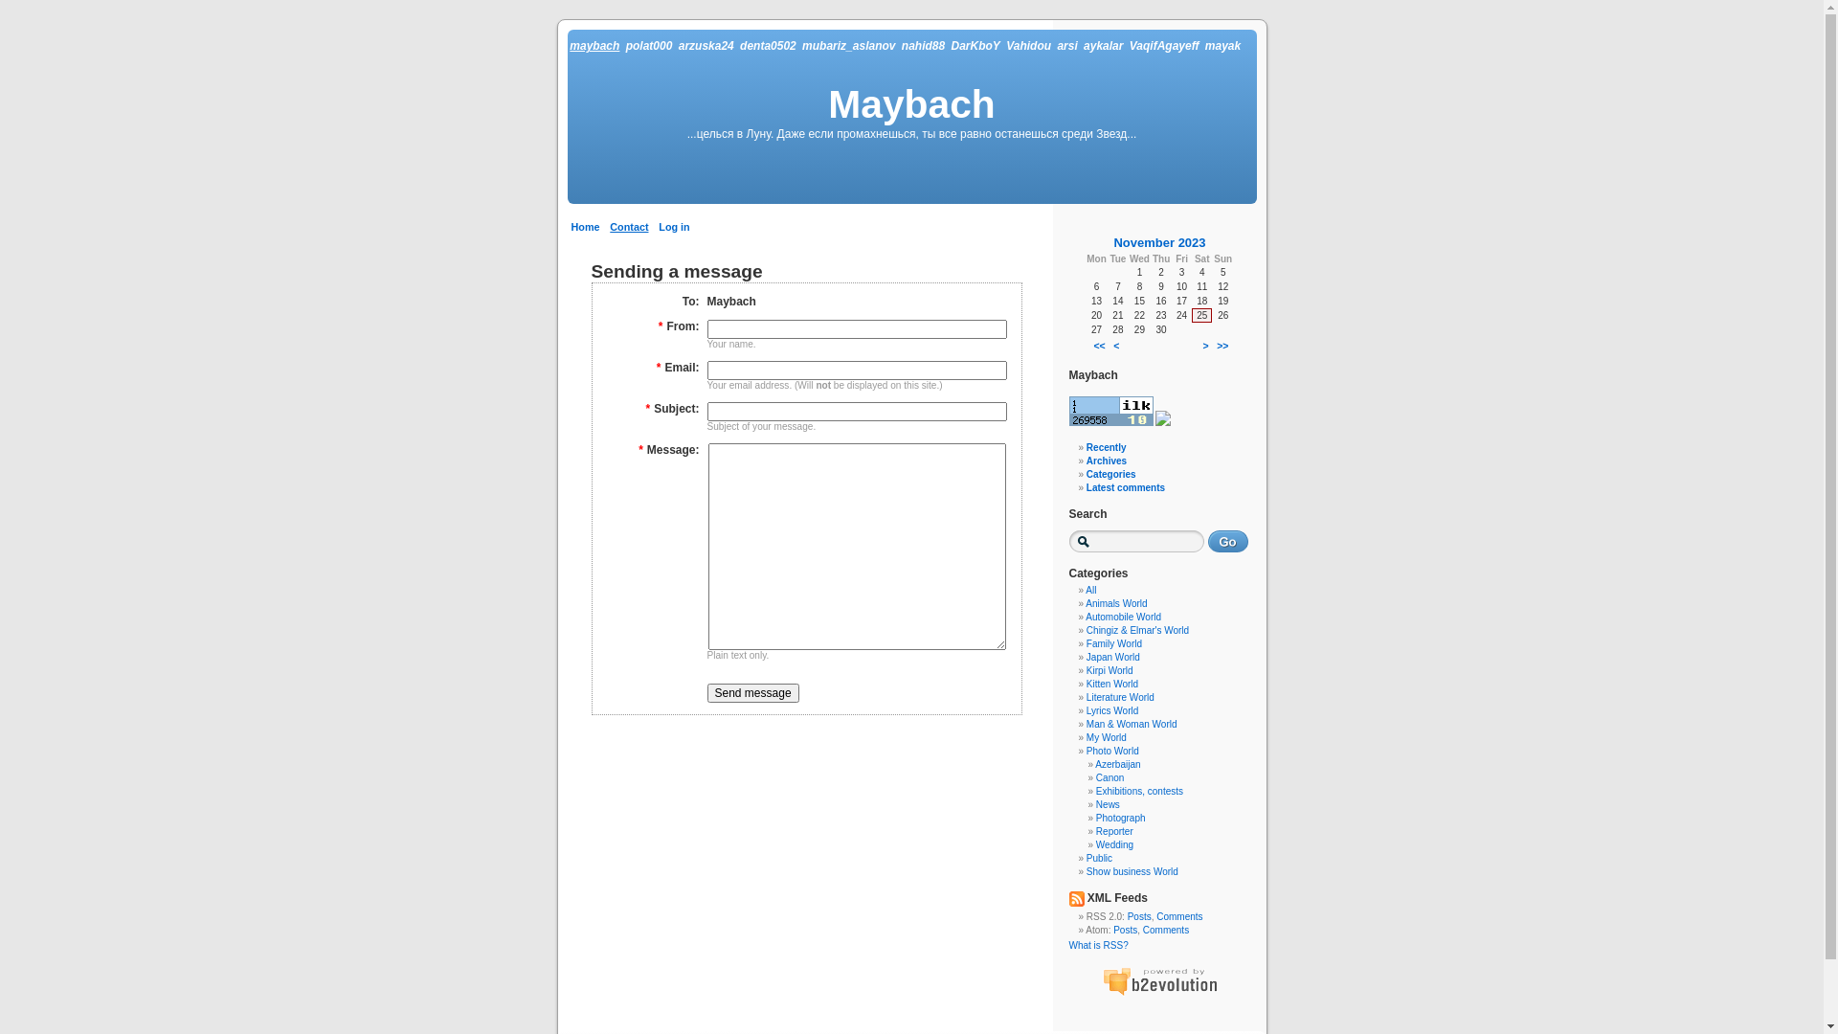 This screenshot has height=1034, width=1838. What do you see at coordinates (1116, 603) in the screenshot?
I see `'Animals World'` at bounding box center [1116, 603].